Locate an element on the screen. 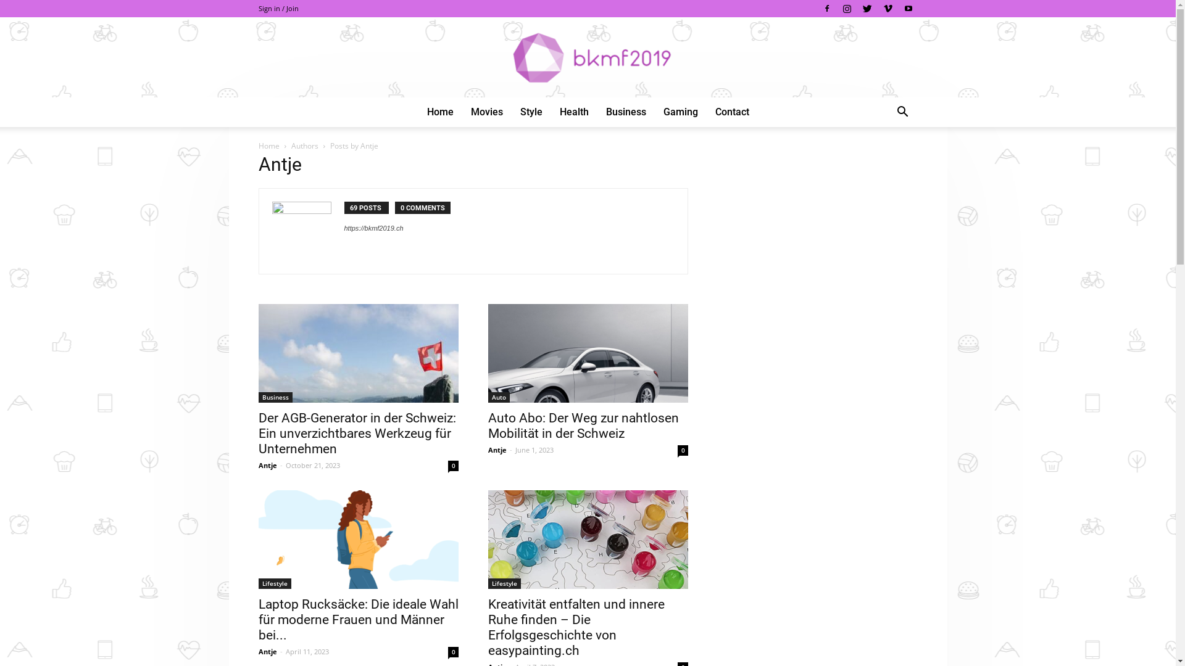  'Style' is located at coordinates (530, 112).